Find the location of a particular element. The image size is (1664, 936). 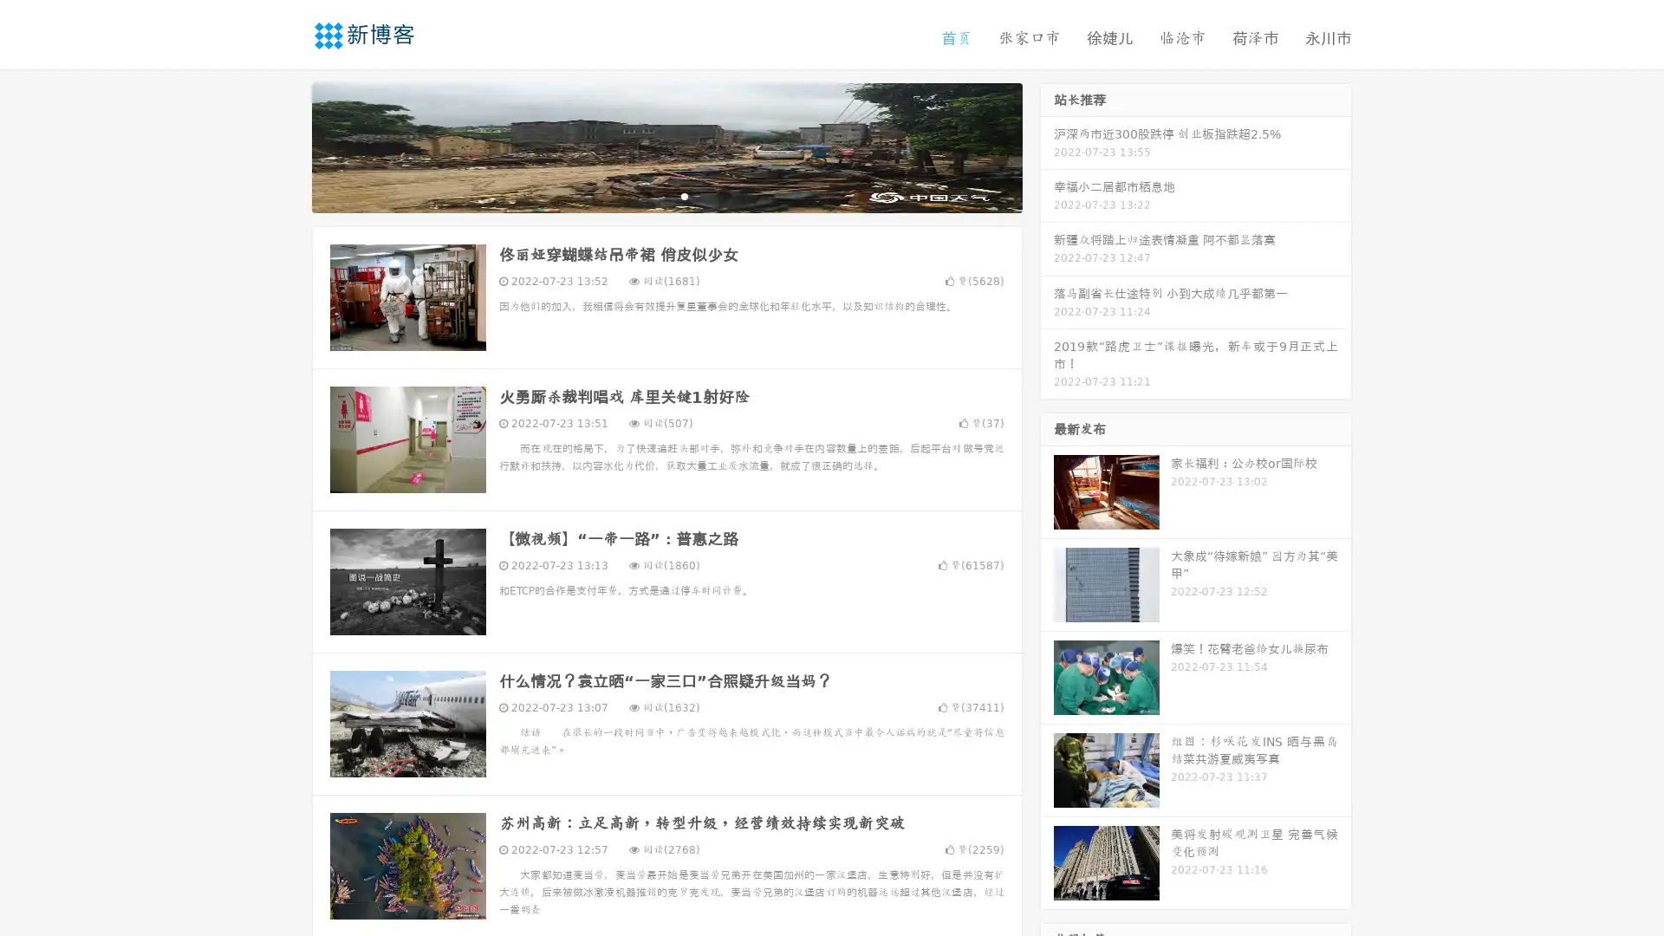

Previous slide is located at coordinates (286, 146).